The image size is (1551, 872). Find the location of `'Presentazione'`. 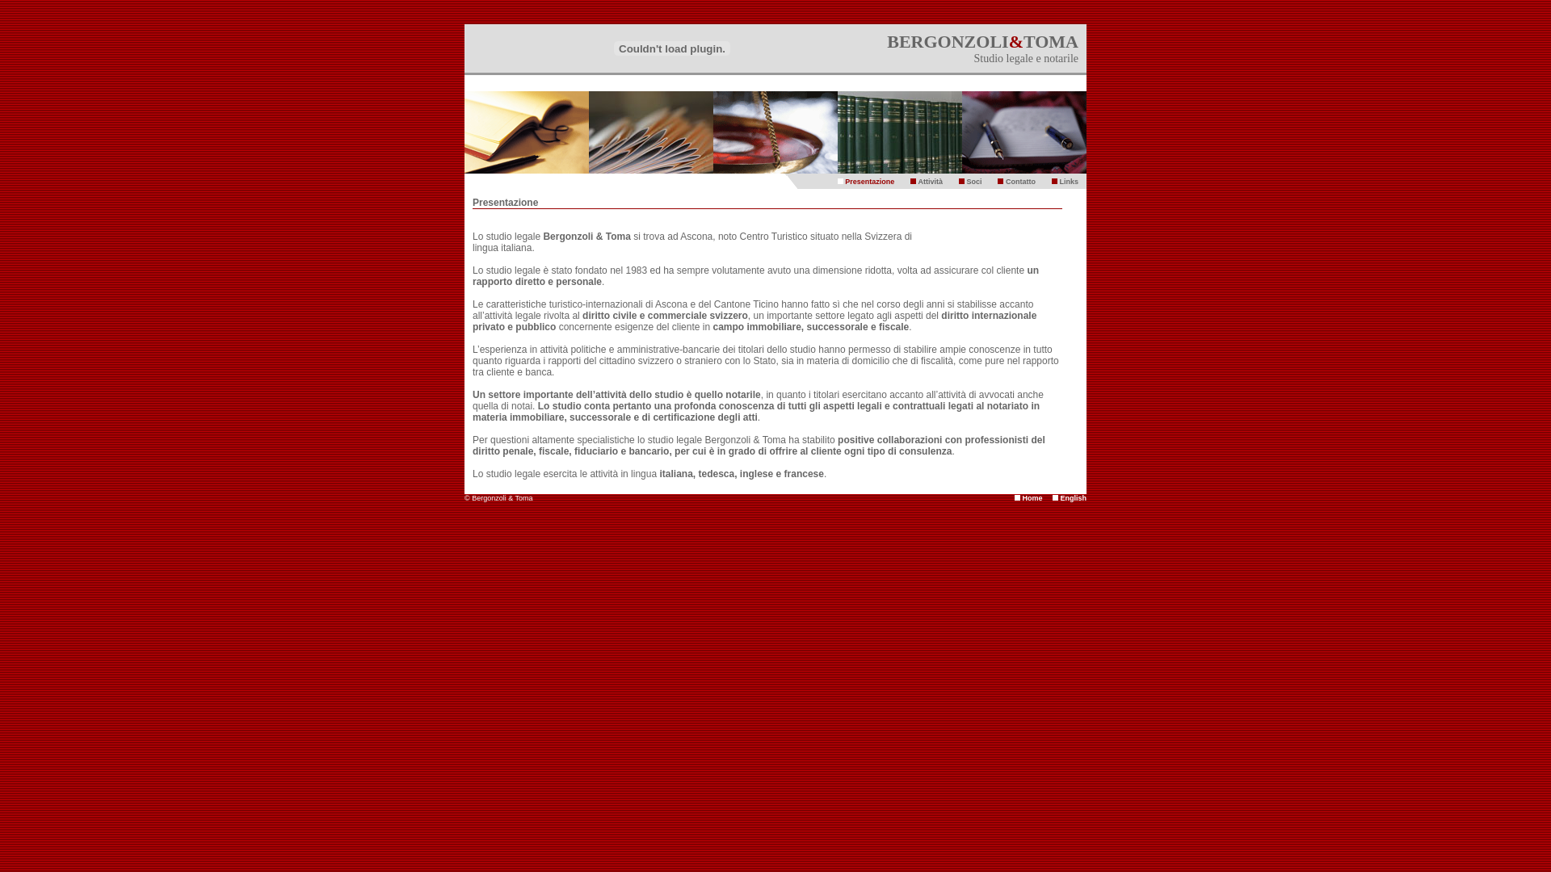

'Presentazione' is located at coordinates (868, 181).